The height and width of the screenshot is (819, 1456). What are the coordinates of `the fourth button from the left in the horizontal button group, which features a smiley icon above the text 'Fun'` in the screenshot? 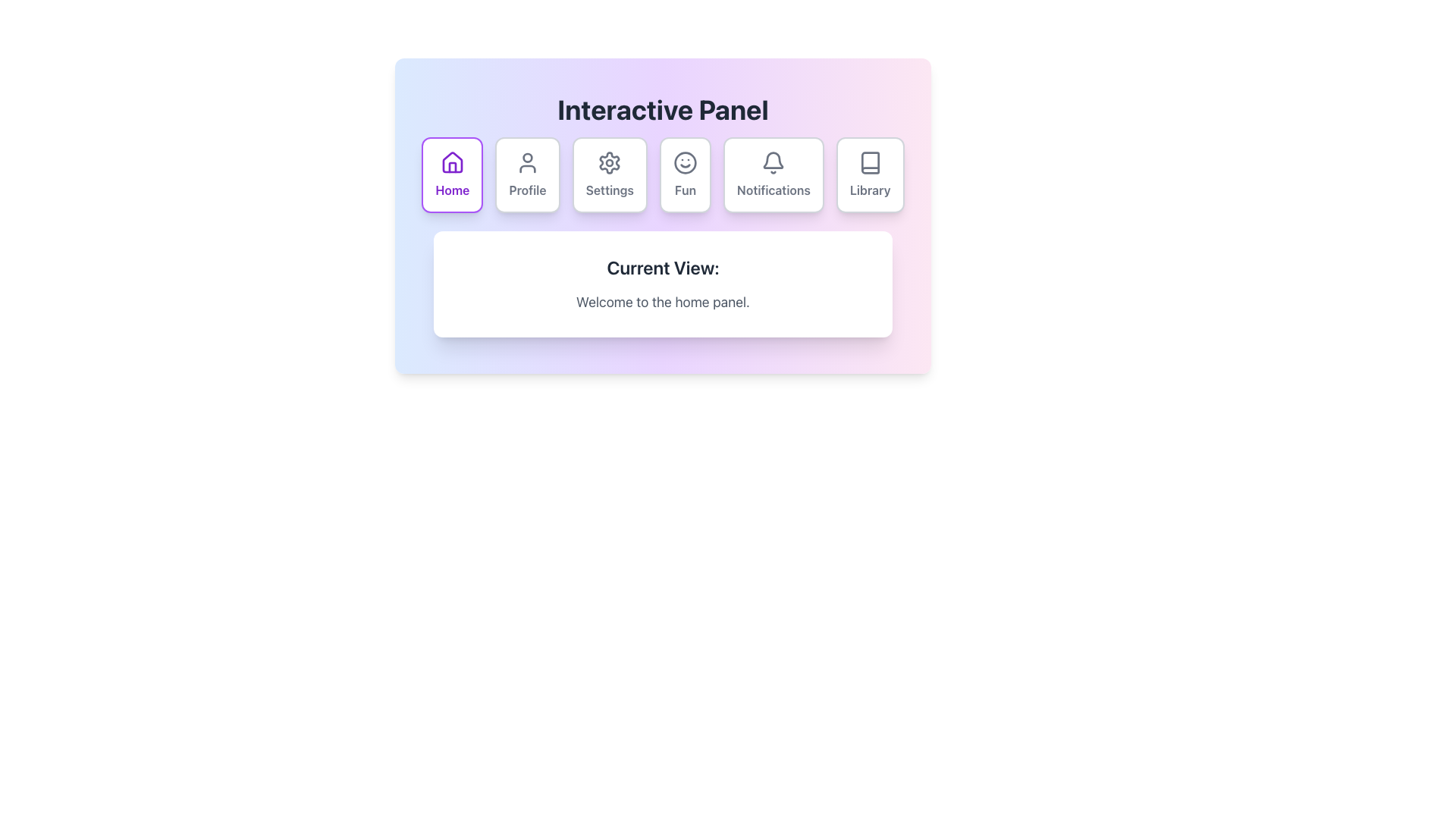 It's located at (684, 174).